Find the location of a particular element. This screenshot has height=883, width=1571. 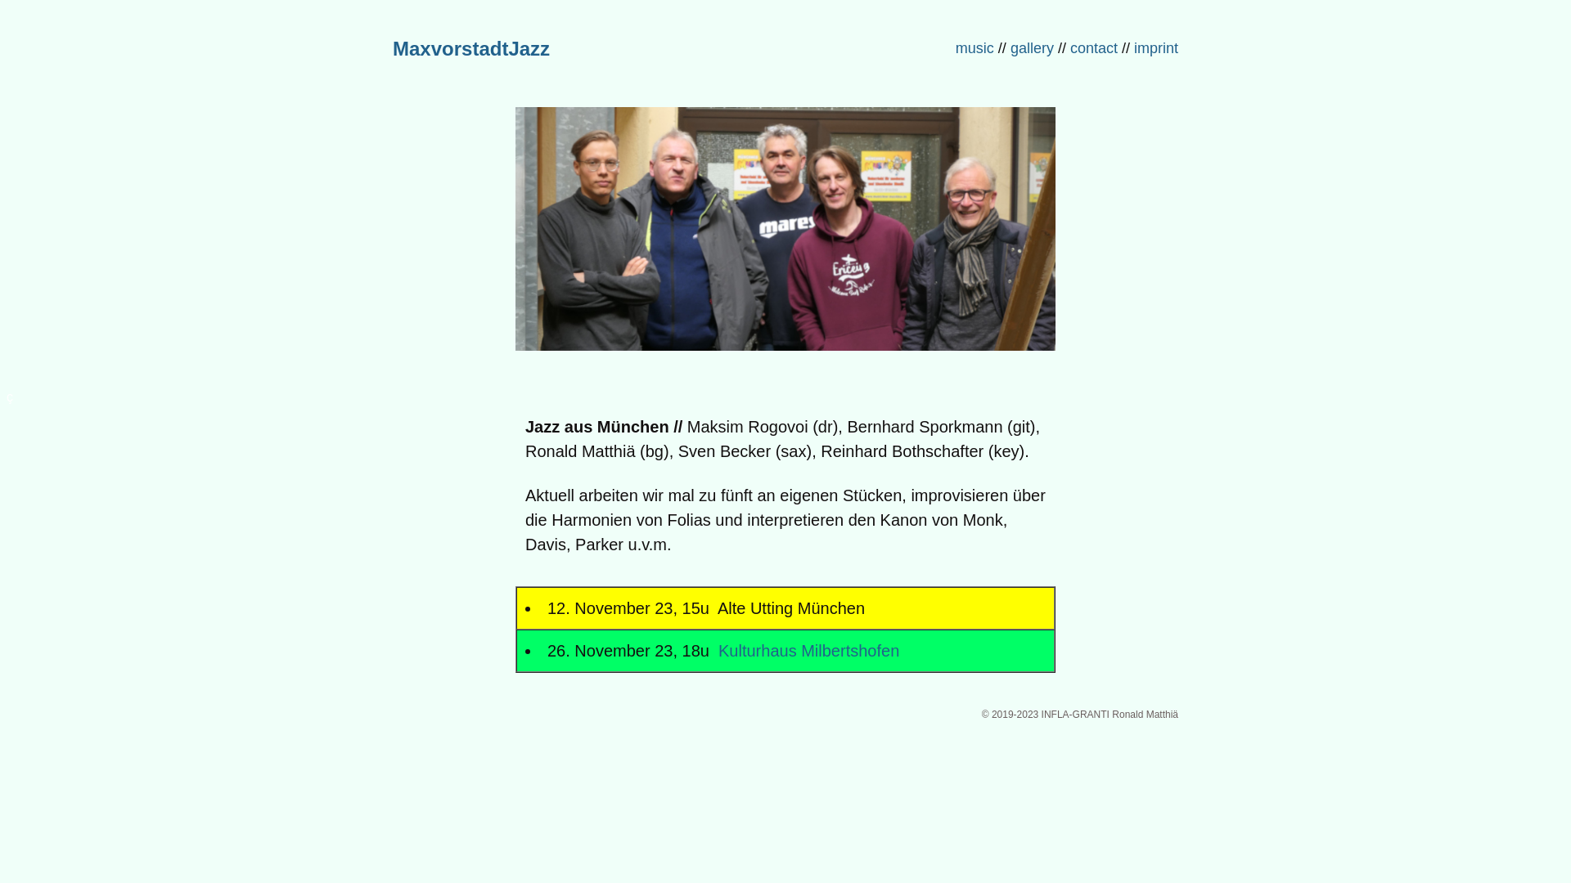

'music' is located at coordinates (975, 47).